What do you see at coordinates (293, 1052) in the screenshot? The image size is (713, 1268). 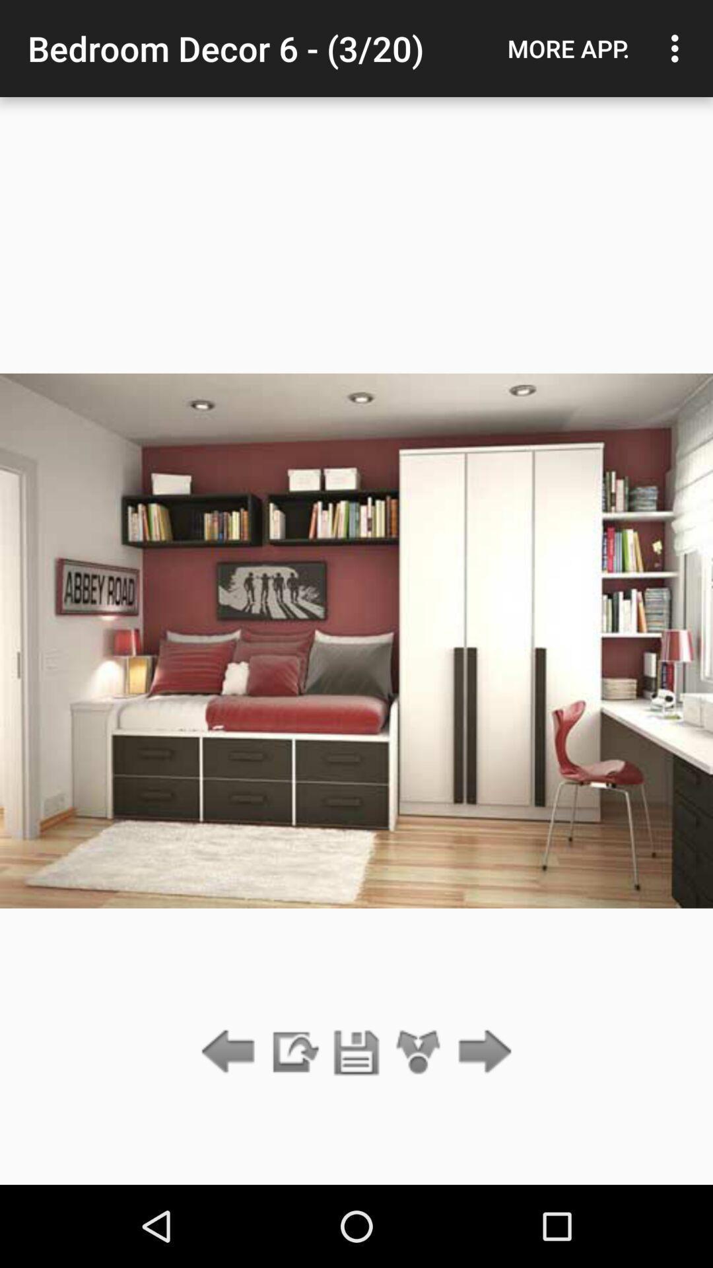 I see `the icon below bedroom decor 6` at bounding box center [293, 1052].